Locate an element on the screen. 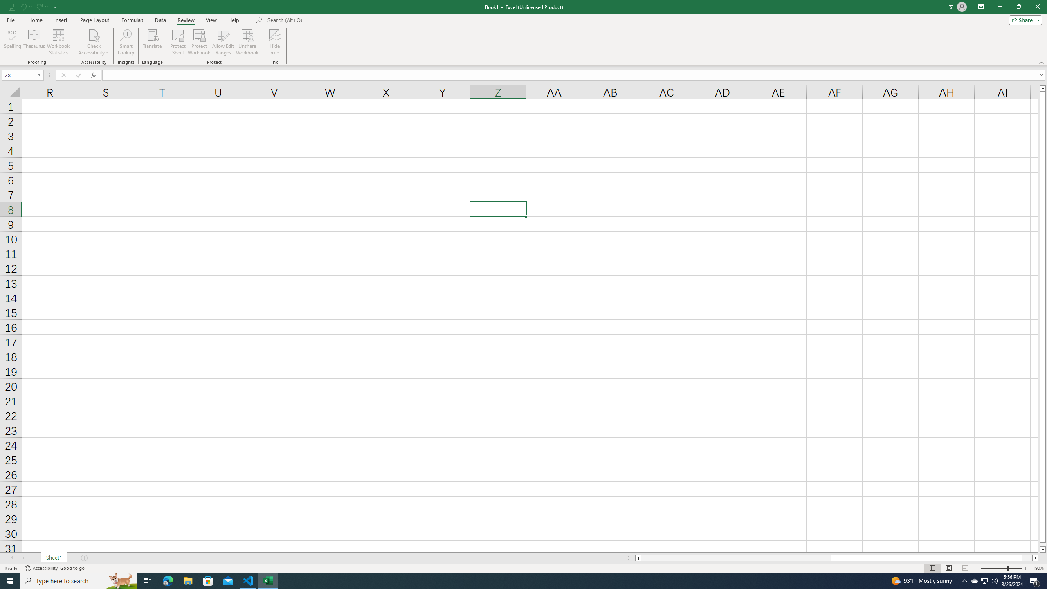  'Share' is located at coordinates (1023, 19).